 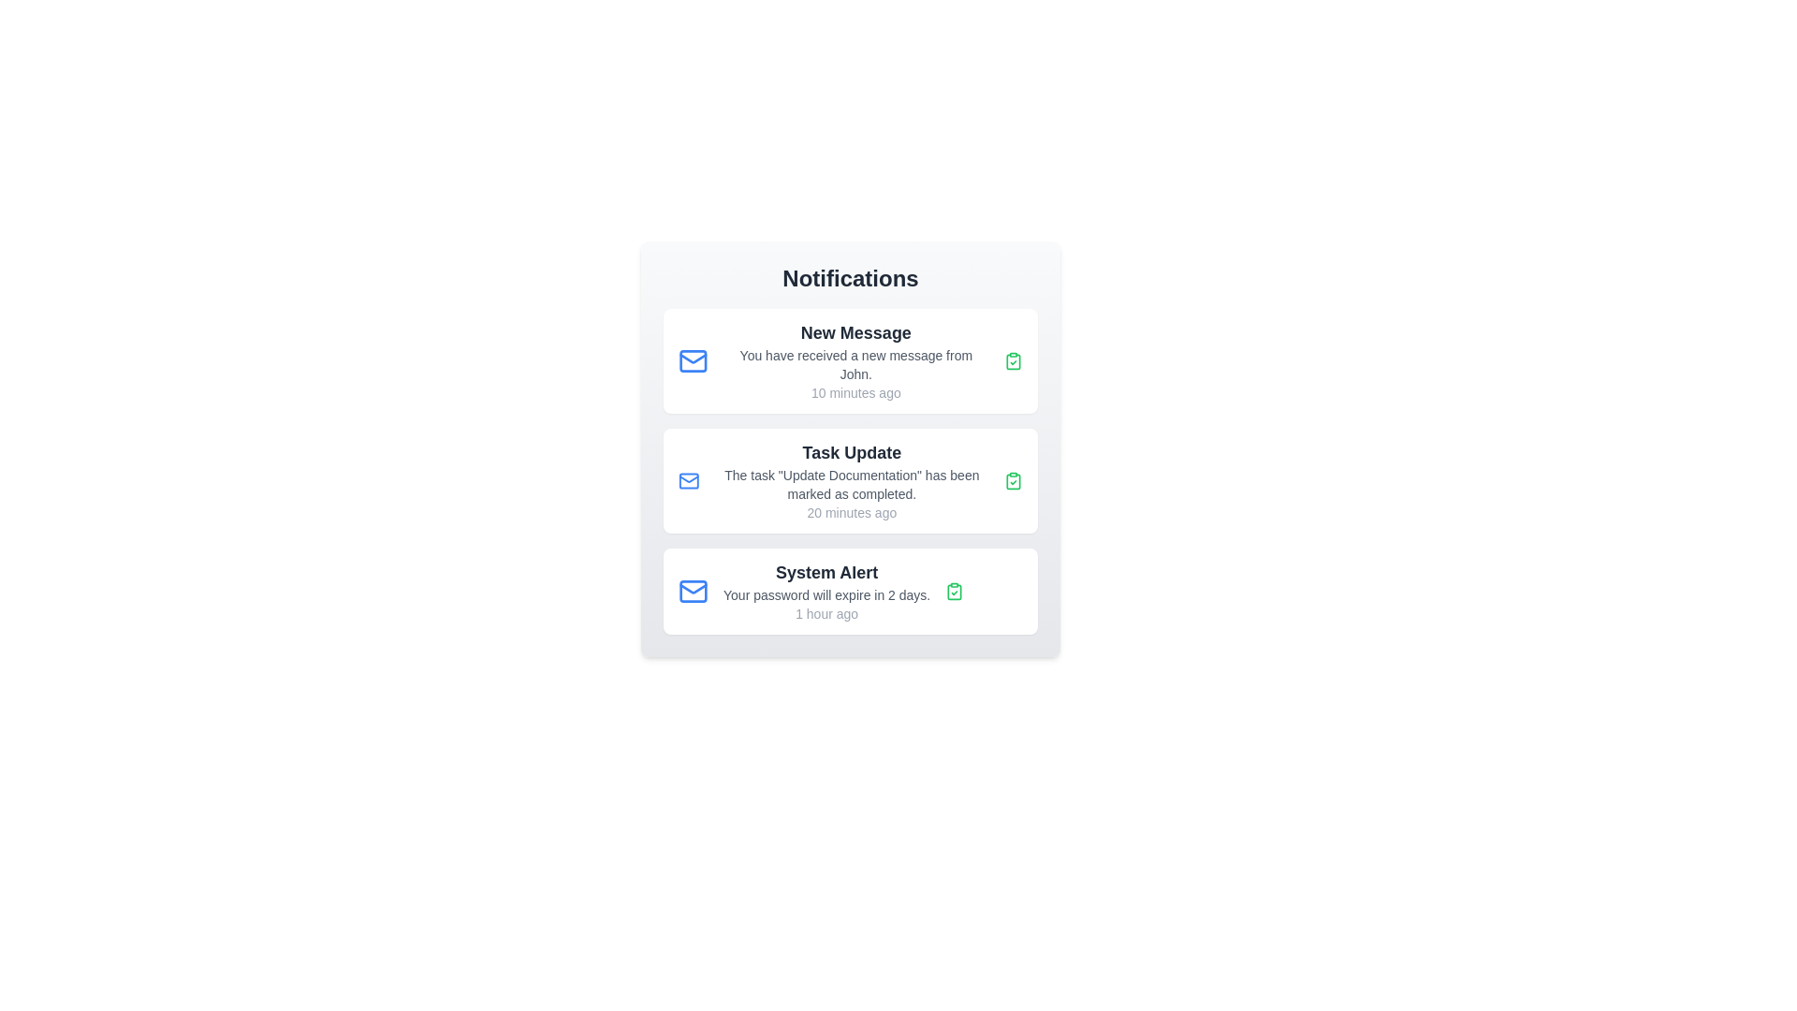 What do you see at coordinates (954, 592) in the screenshot?
I see `the green icon to mark the notification as read for 3` at bounding box center [954, 592].